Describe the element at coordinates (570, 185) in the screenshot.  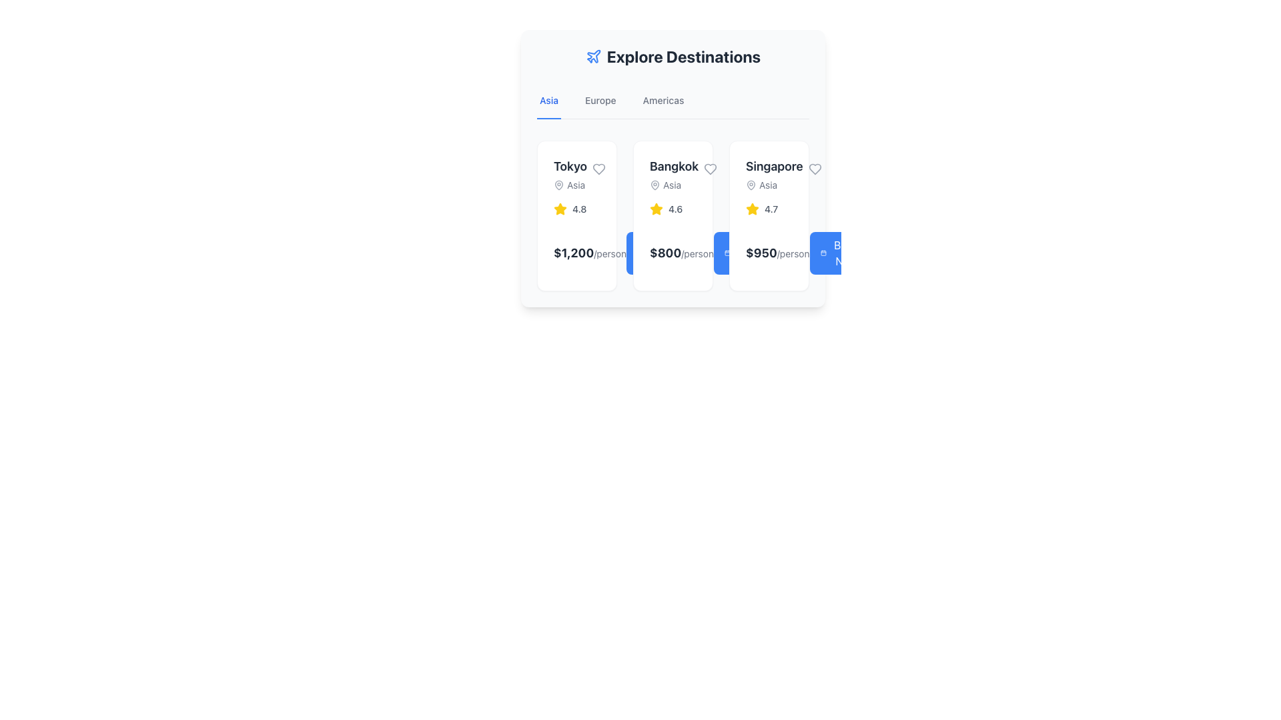
I see `the 'Asia' label with the map pin icon located on the 'Tokyo' destination card, which is styled in a smaller font size and muted gray color` at that location.